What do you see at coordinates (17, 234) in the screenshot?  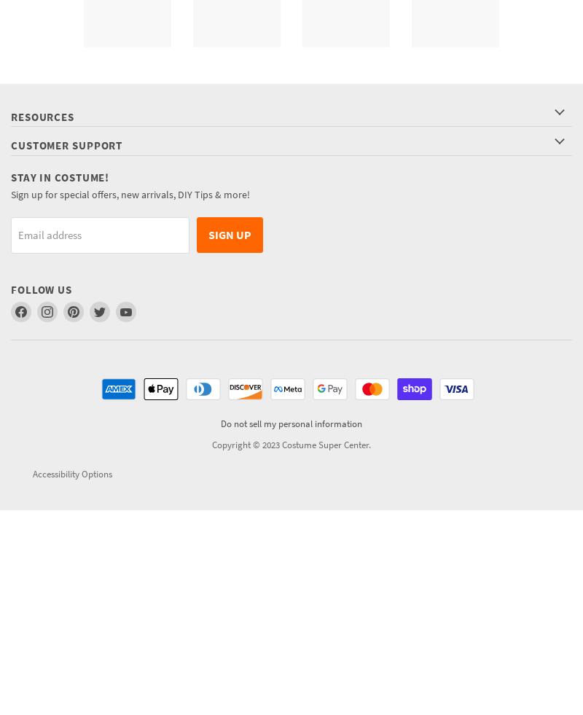 I see `'Email address'` at bounding box center [17, 234].